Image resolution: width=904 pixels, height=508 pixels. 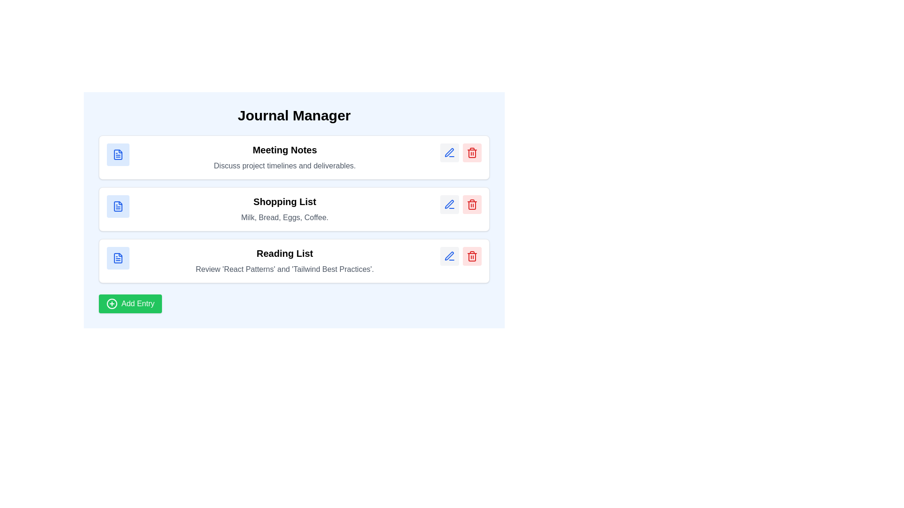 What do you see at coordinates (472, 152) in the screenshot?
I see `the delete button located to the far right of the top row of the list items, adjacent to the blue pencil icon` at bounding box center [472, 152].